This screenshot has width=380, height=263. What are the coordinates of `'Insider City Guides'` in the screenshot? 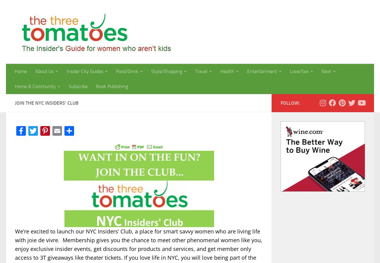 It's located at (85, 71).